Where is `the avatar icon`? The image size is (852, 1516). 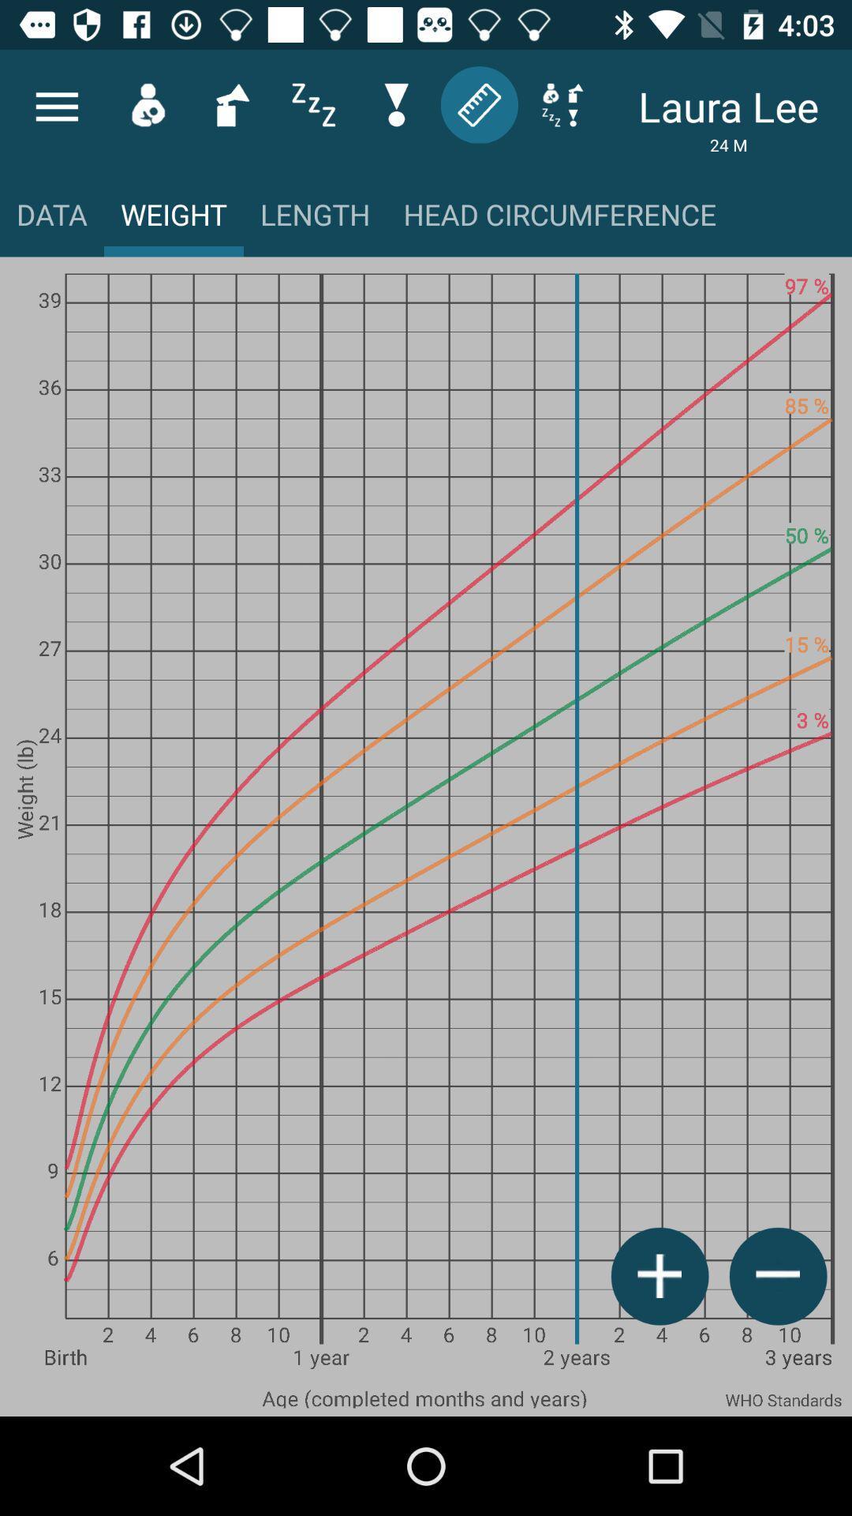
the avatar icon is located at coordinates (148, 103).